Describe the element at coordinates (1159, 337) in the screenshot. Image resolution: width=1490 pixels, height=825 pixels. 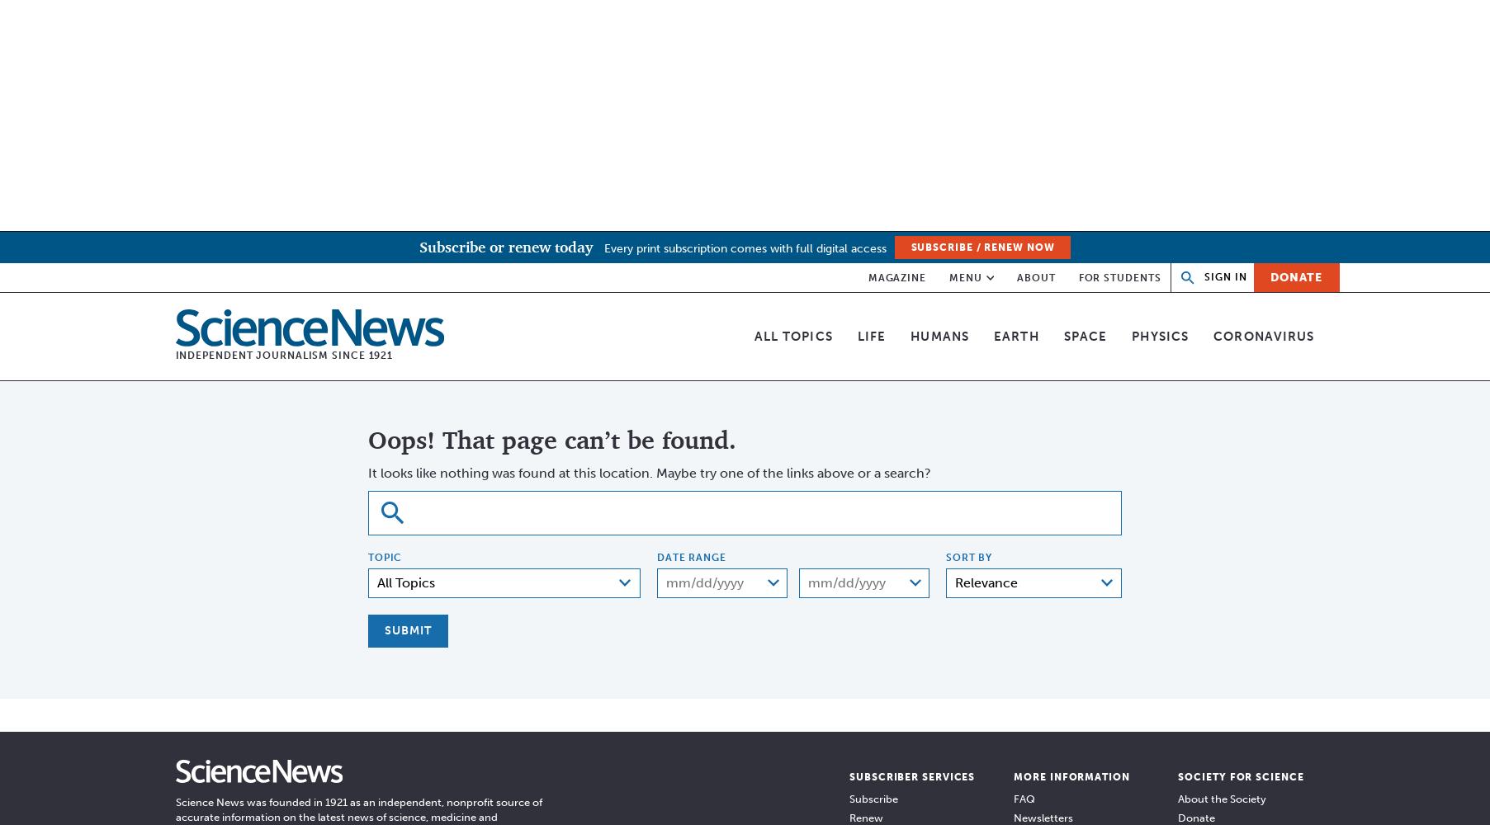
I see `'Physics'` at that location.